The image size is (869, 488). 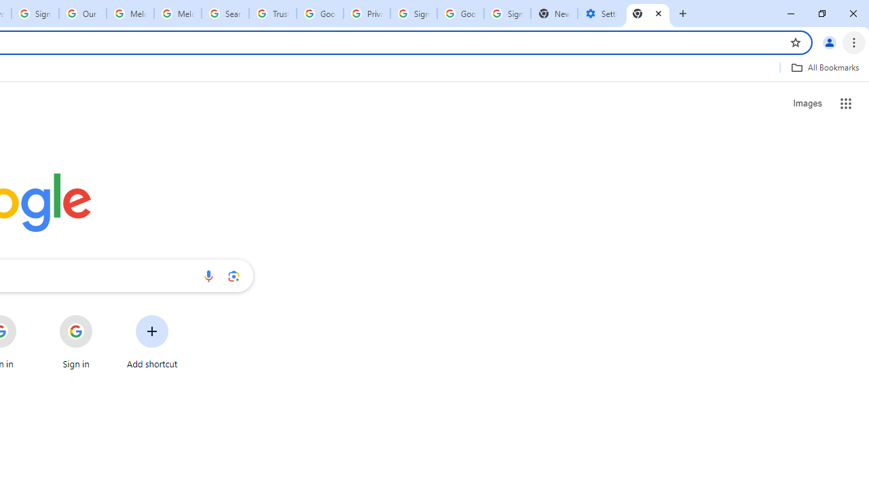 What do you see at coordinates (225, 14) in the screenshot?
I see `'Search our Doodle Library Collection - Google Doodles'` at bounding box center [225, 14].